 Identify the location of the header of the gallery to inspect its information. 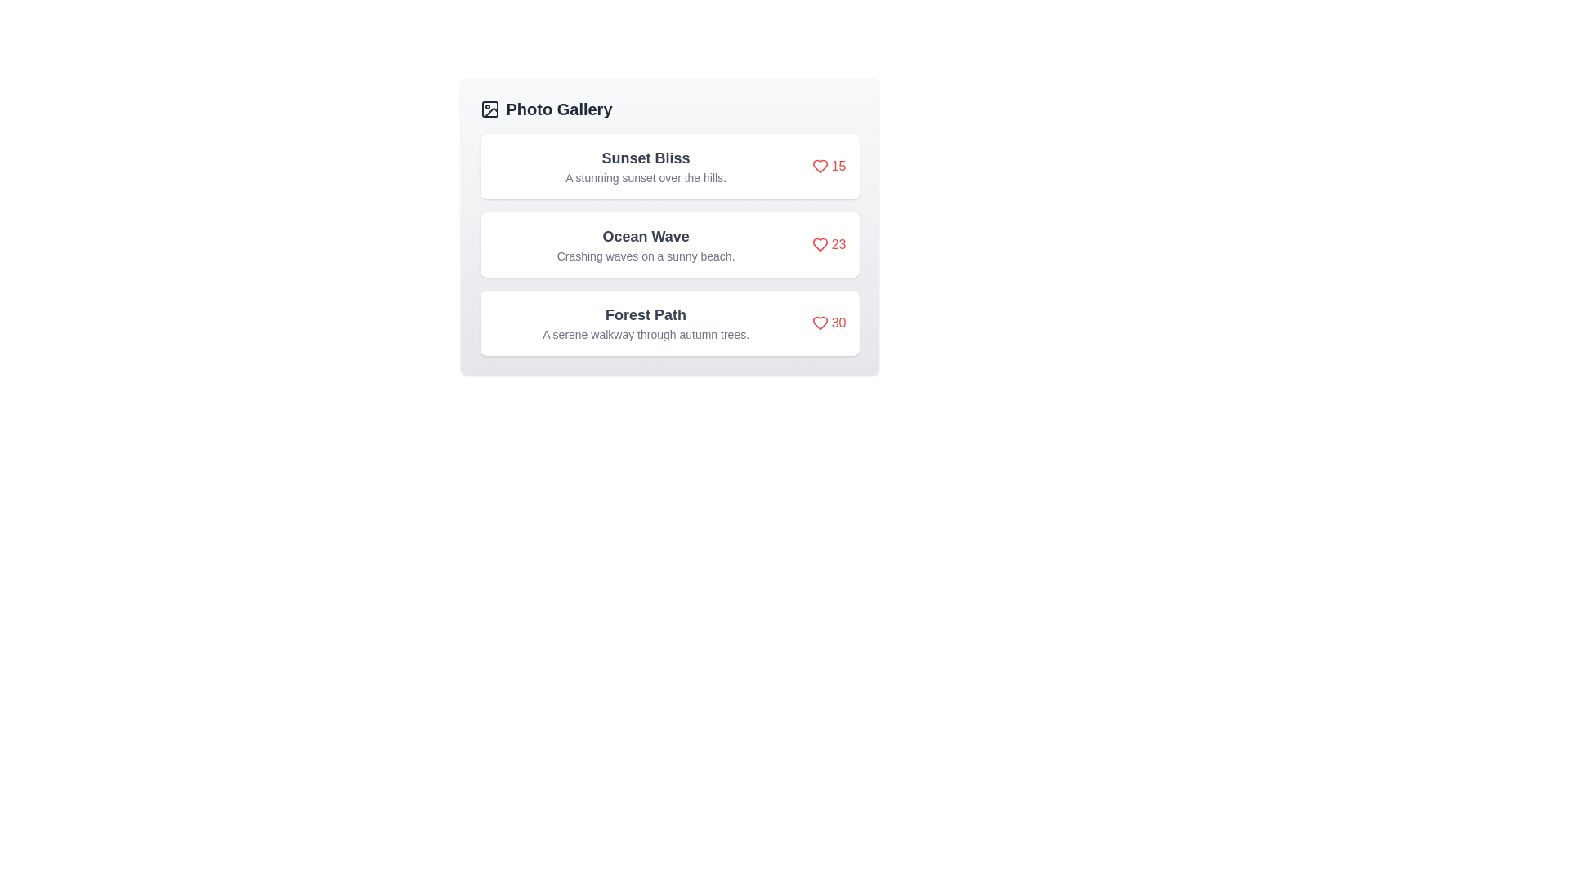
(669, 109).